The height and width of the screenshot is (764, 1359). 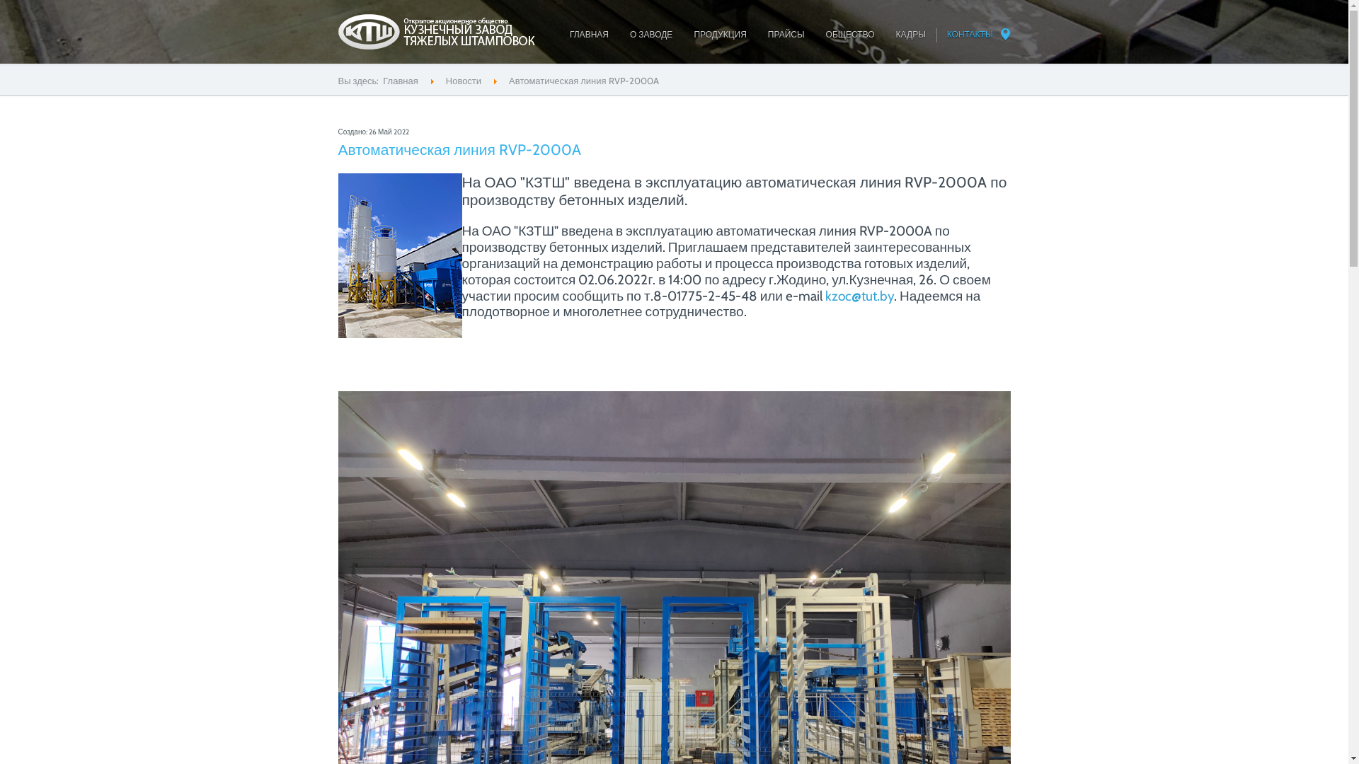 I want to click on 'kzoc@tut.by', so click(x=825, y=295).